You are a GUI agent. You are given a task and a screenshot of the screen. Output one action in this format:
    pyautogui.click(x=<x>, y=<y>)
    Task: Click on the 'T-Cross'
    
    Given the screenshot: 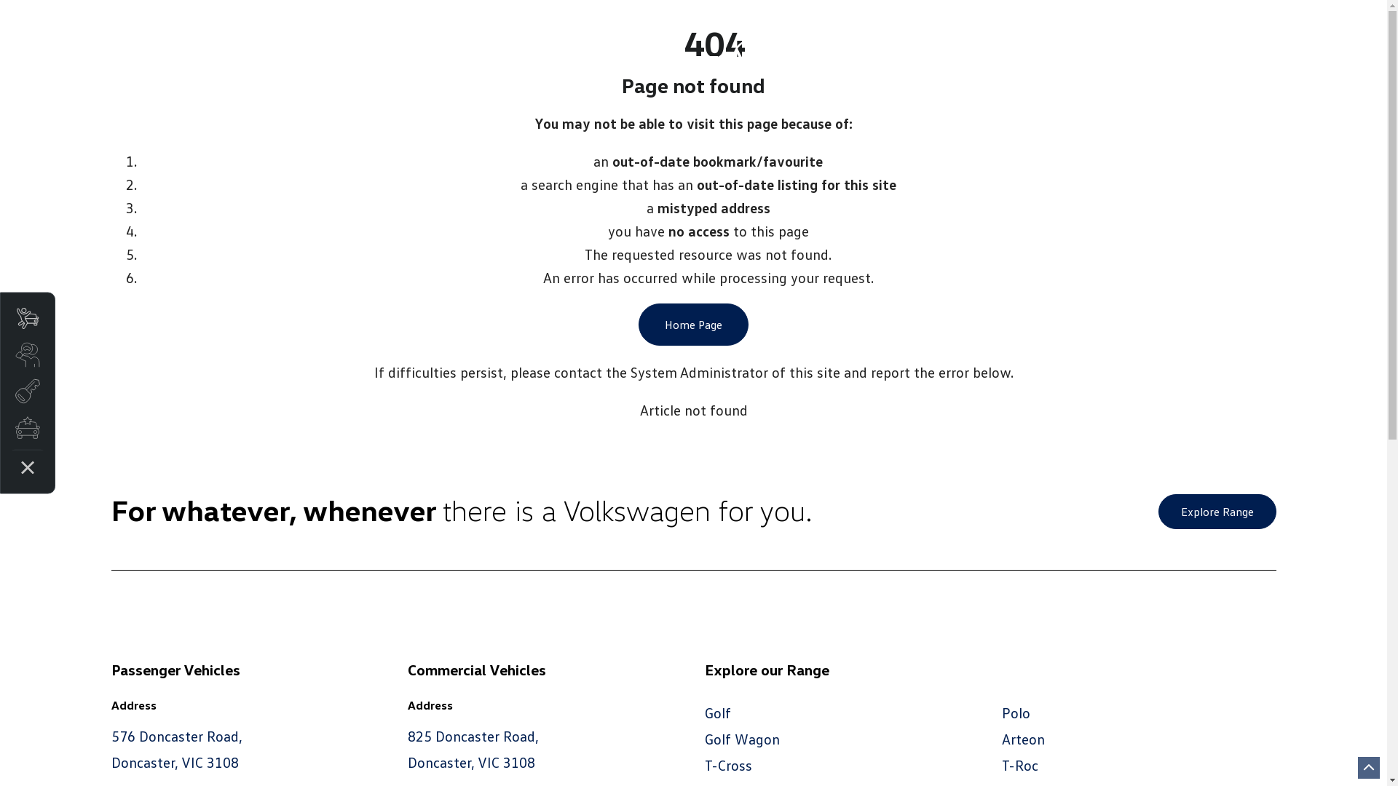 What is the action you would take?
    pyautogui.click(x=728, y=763)
    